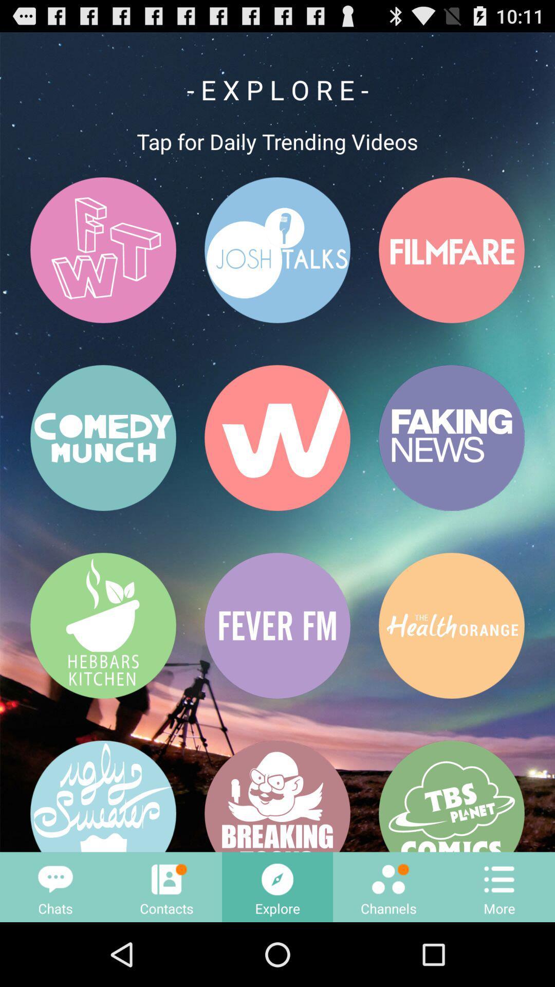  Describe the element at coordinates (103, 438) in the screenshot. I see `button above hebbars kitchen` at that location.